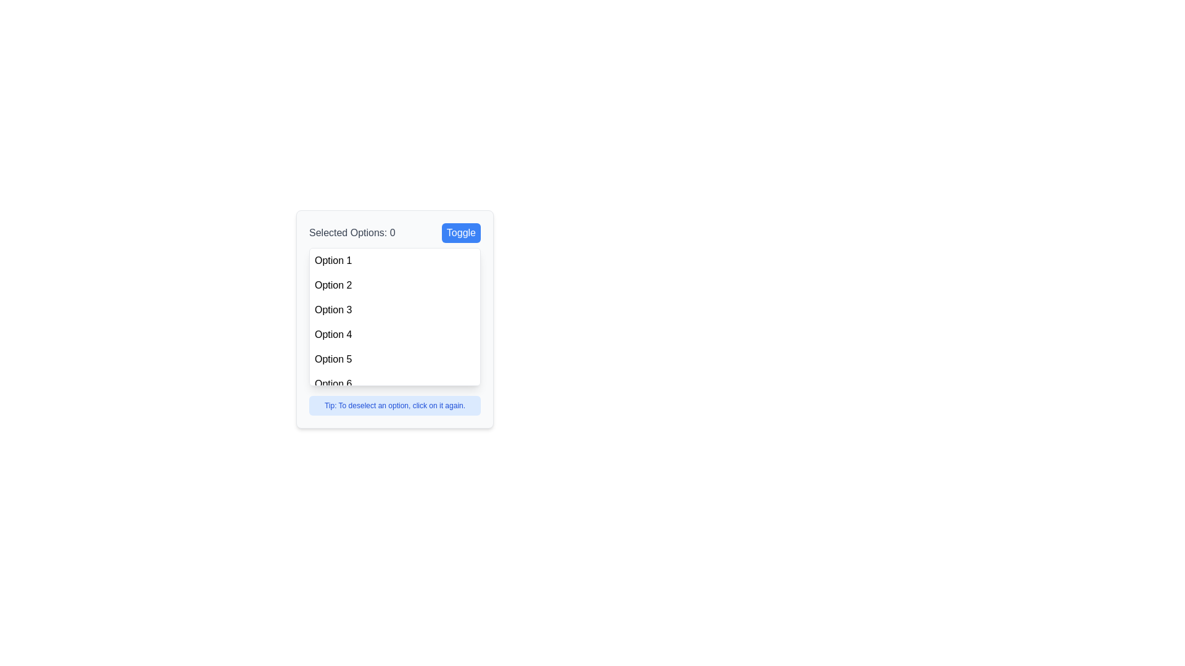  What do you see at coordinates (333, 285) in the screenshot?
I see `the selectable option 'Option 2' in the list` at bounding box center [333, 285].